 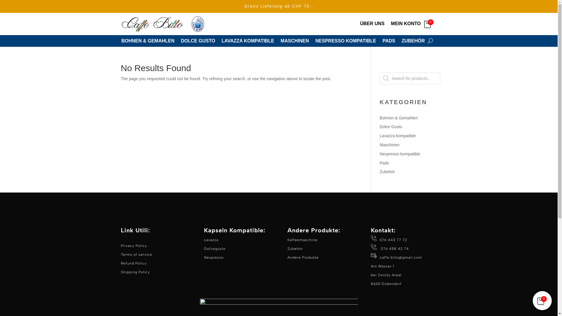 I want to click on 'Maschinen', so click(x=379, y=145).